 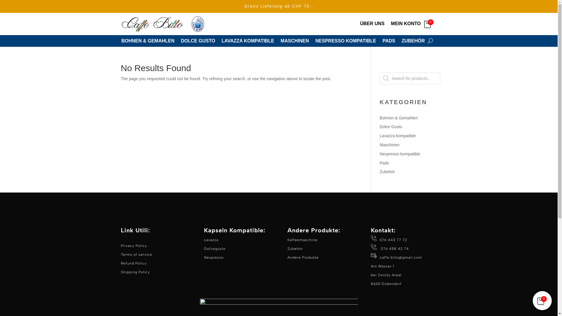 I want to click on 'Maschinen', so click(x=379, y=145).